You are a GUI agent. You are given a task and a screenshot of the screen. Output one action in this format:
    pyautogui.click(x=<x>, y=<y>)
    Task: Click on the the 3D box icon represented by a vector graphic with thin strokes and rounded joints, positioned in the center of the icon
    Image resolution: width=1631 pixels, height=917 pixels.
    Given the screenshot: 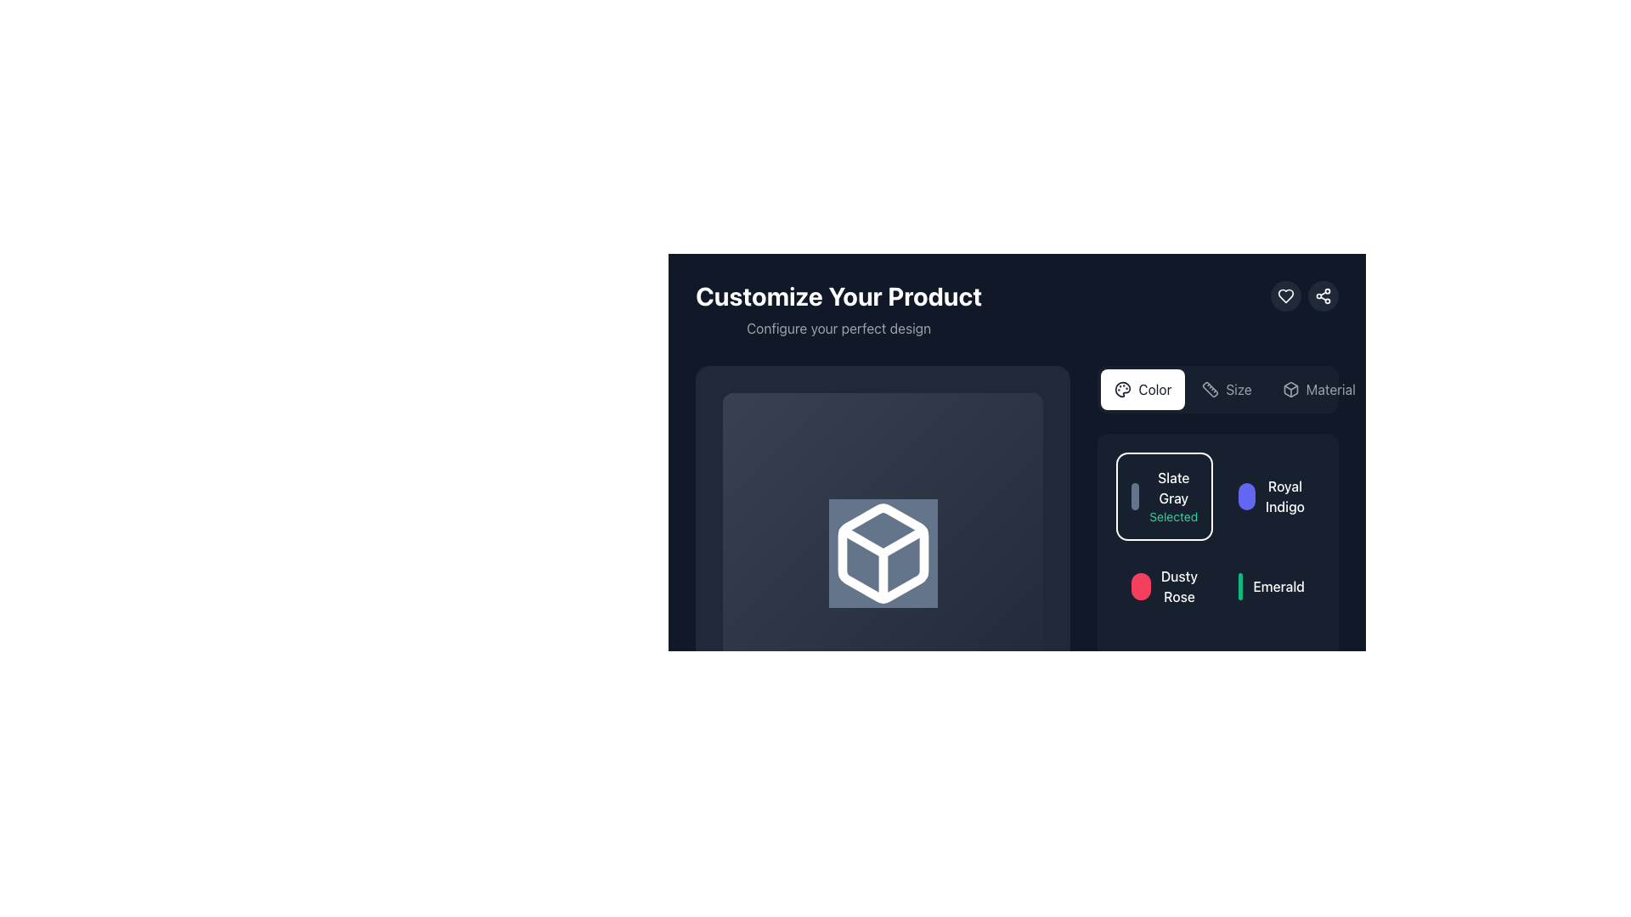 What is the action you would take?
    pyautogui.click(x=1290, y=390)
    